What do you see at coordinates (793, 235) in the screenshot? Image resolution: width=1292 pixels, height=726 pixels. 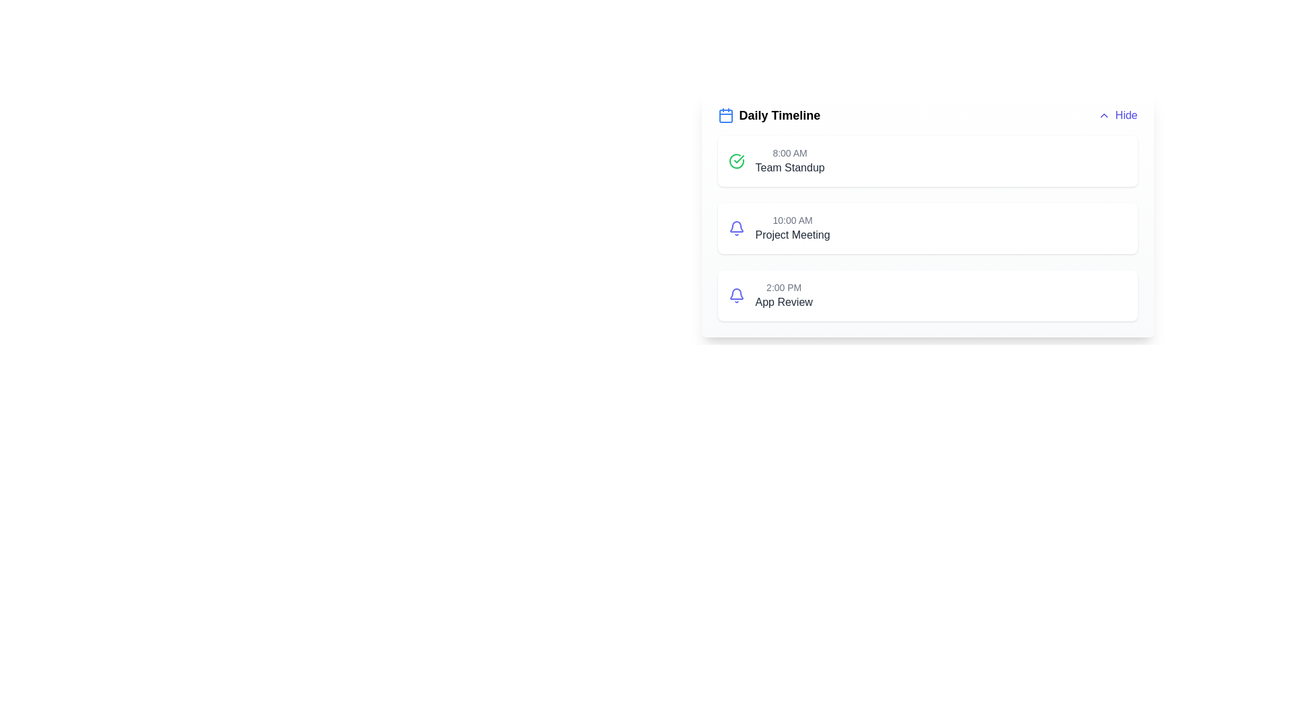 I see `the text label that describes an event or task scheduled at 10:00 AM, positioned directly below the time label and aligned horizontally with it` at bounding box center [793, 235].